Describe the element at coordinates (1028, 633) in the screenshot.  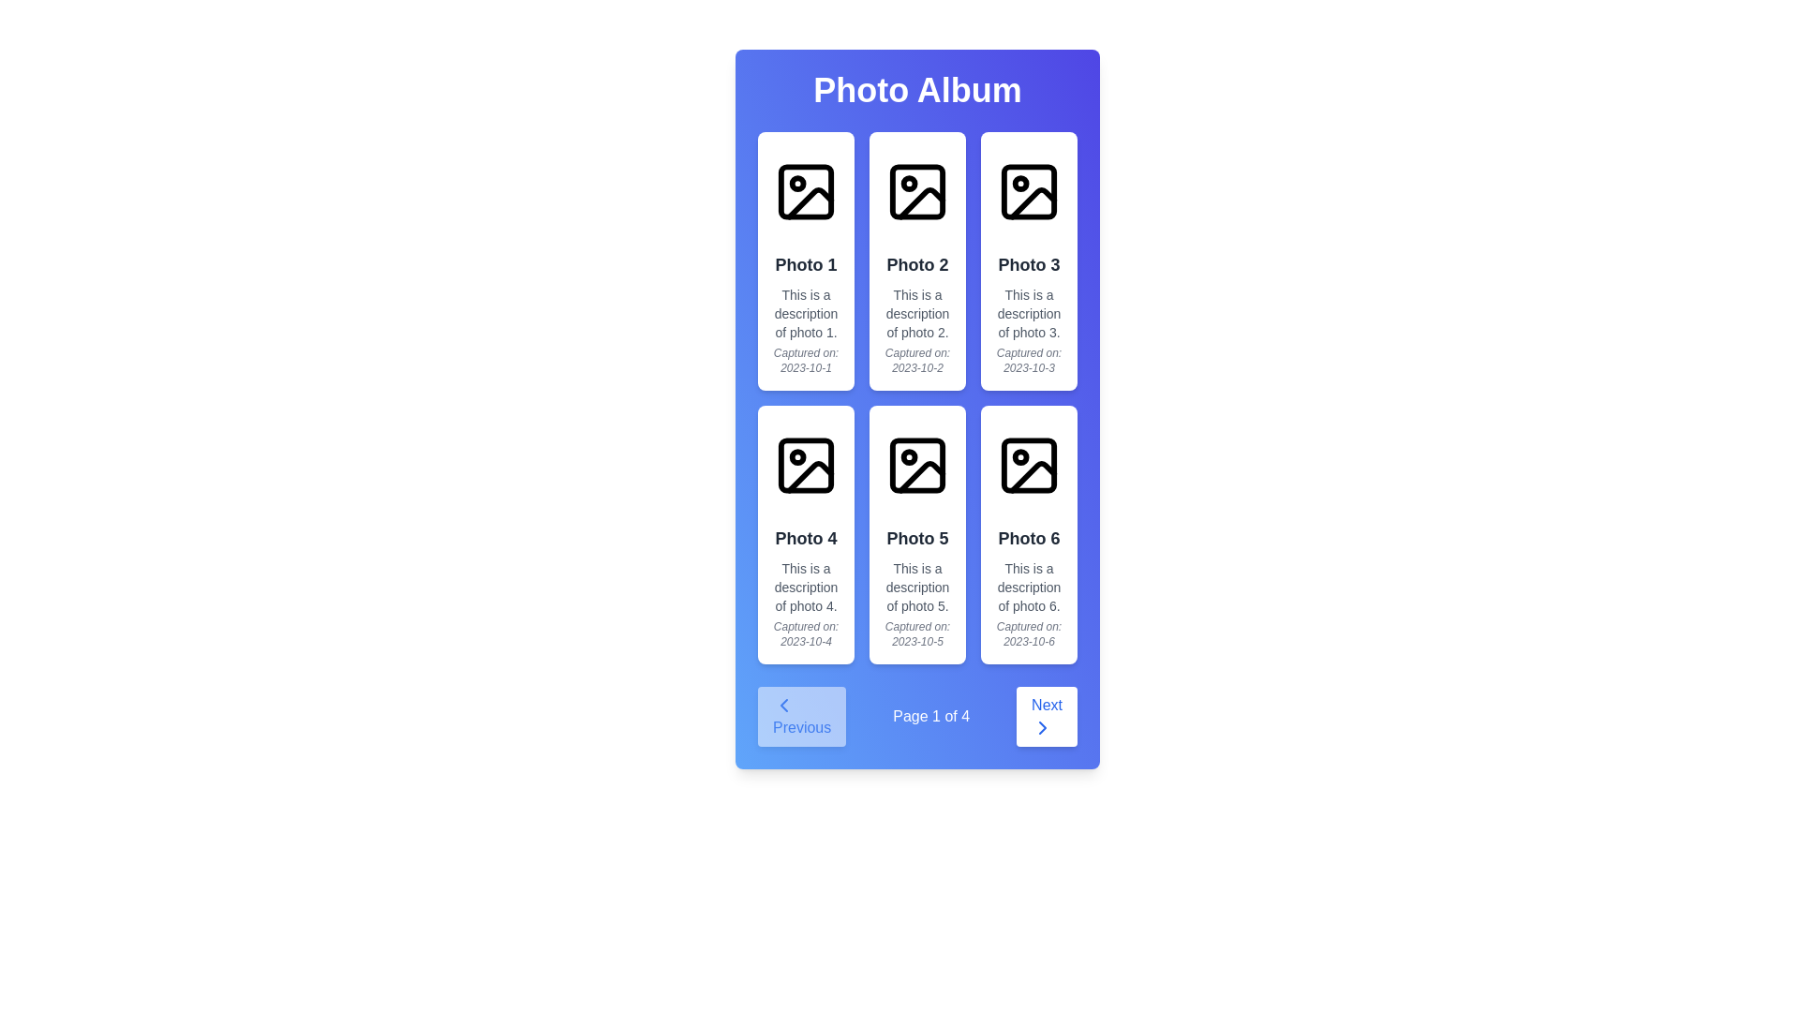
I see `the text label displaying 'Captured on: 2023-10-6', which is styled in small, italicized gray font and positioned at the bottom of the photo card labeled 'Photo 6'` at that location.